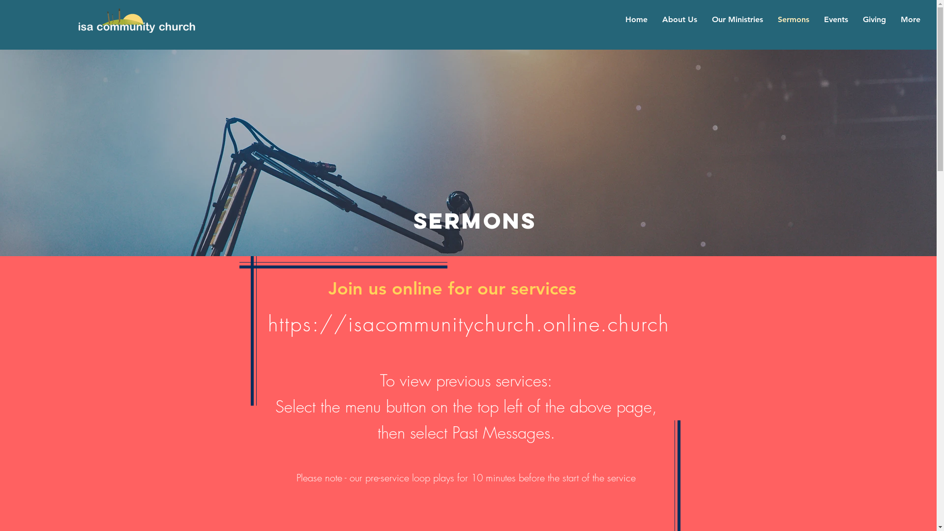 The width and height of the screenshot is (944, 531). I want to click on 'https://isacommunitychurch.online.church', so click(468, 324).